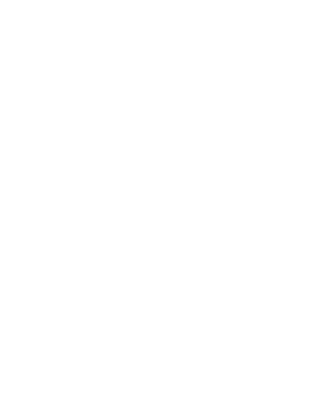 Image resolution: width=319 pixels, height=414 pixels. What do you see at coordinates (92, 406) in the screenshot?
I see `'Twitter'` at bounding box center [92, 406].